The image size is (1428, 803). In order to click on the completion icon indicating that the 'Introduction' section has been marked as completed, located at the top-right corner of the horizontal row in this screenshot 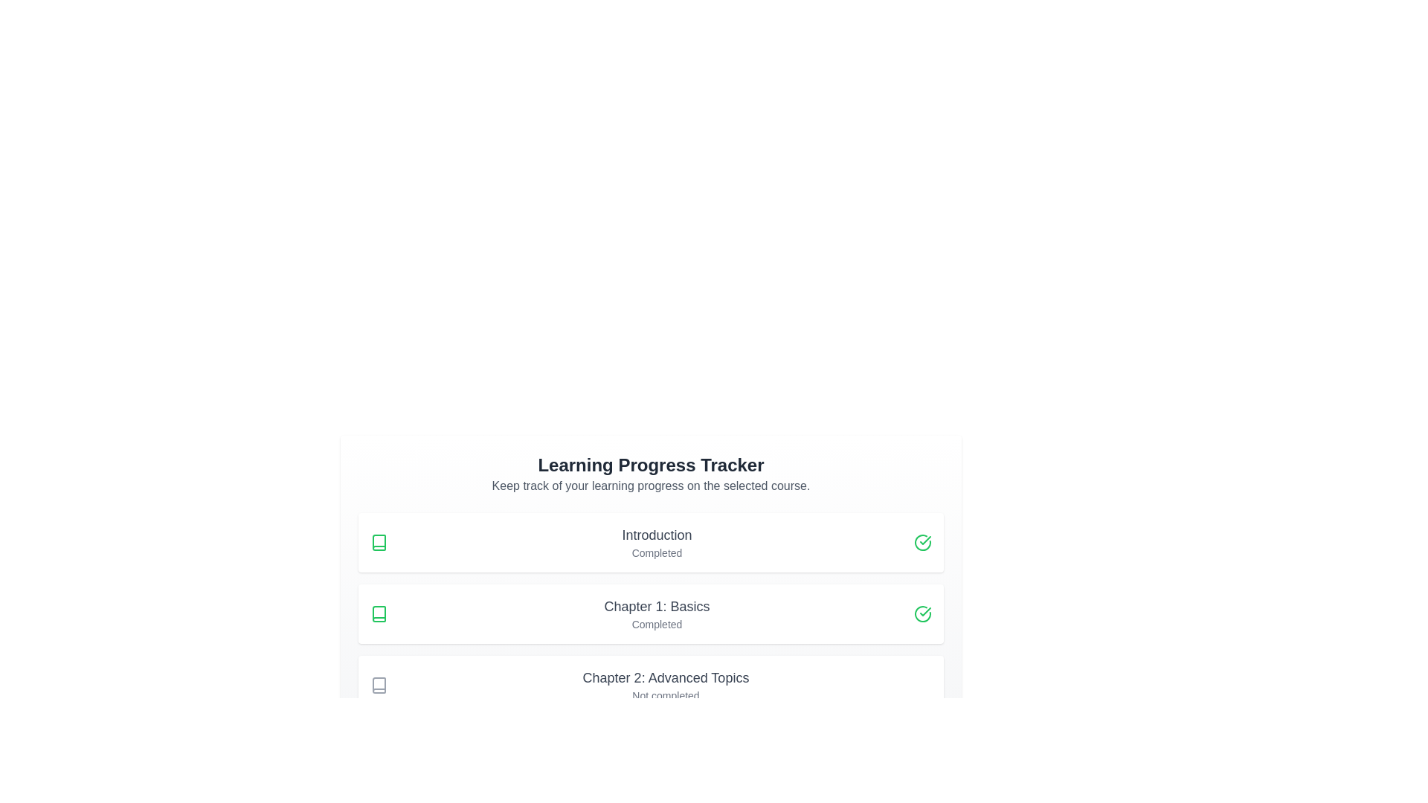, I will do `click(922, 542)`.